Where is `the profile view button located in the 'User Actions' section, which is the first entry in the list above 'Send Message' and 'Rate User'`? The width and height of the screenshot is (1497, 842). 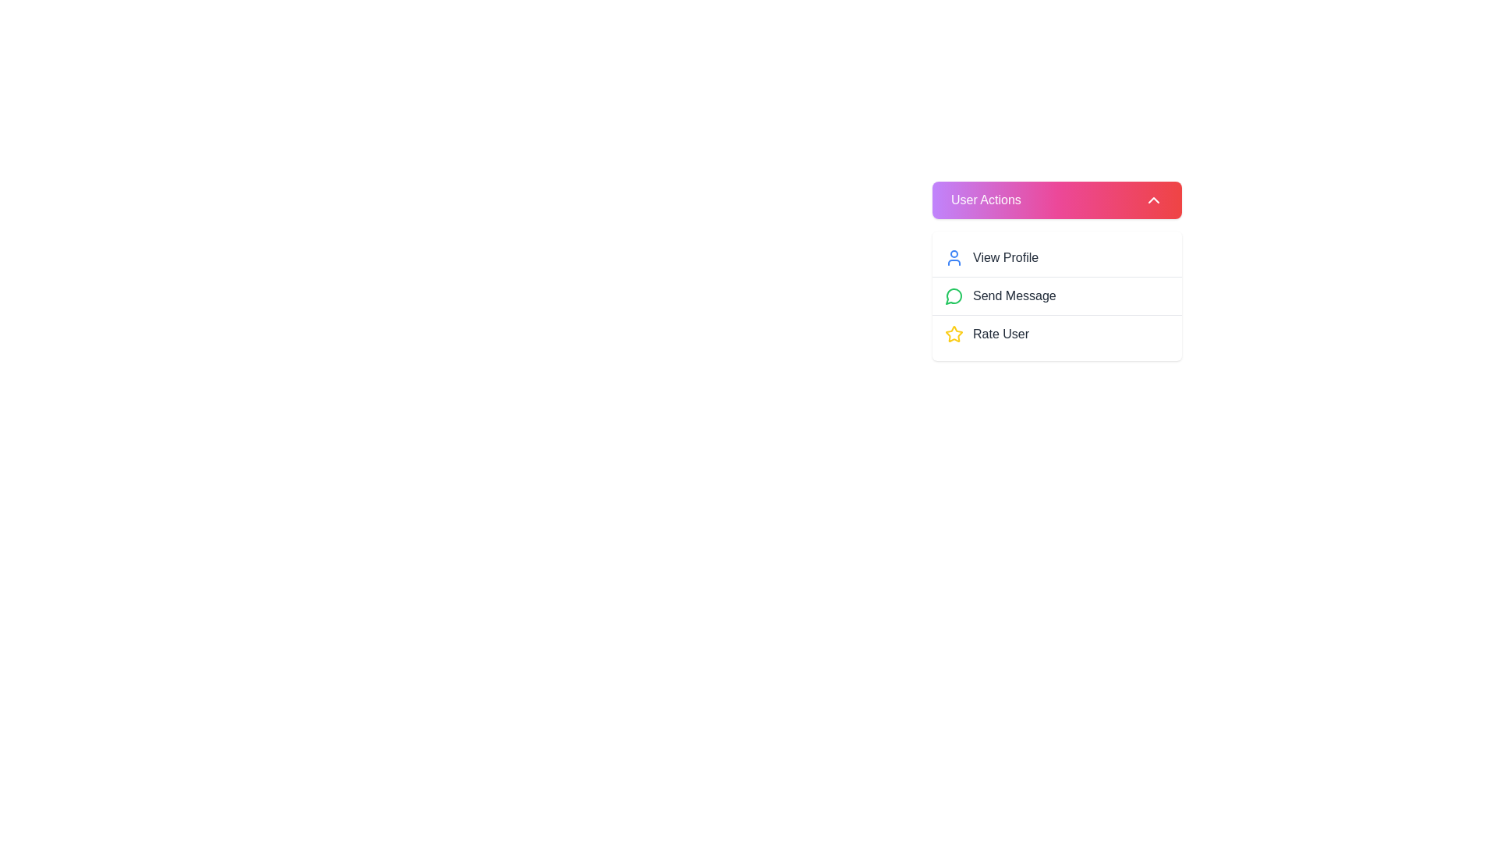 the profile view button located in the 'User Actions' section, which is the first entry in the list above 'Send Message' and 'Rate User' is located at coordinates (1057, 257).